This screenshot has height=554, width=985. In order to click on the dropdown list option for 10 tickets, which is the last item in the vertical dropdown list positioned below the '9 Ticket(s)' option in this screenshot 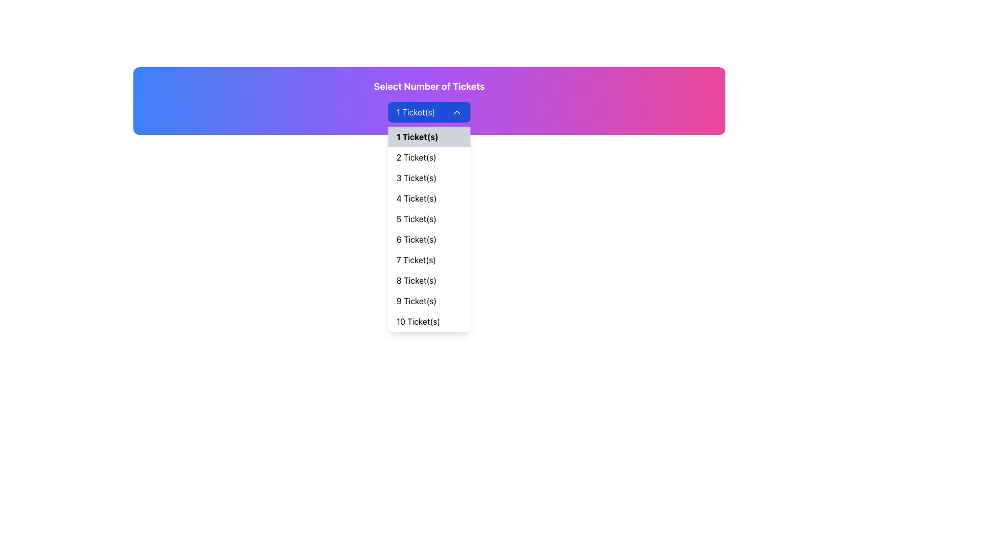, I will do `click(429, 321)`.